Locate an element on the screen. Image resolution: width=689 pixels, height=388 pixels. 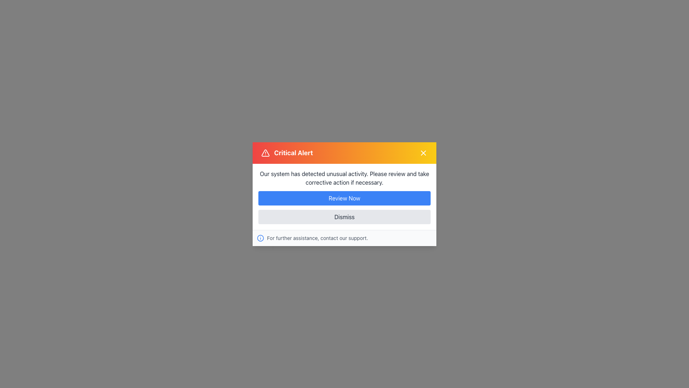
the text block containing the message 'Our system has detected unusual activity. Please review and take corrective action if necessary.' which is located below the 'Critical Alert' heading and above the 'Review Now' and 'Dismiss' buttons is located at coordinates (344, 177).